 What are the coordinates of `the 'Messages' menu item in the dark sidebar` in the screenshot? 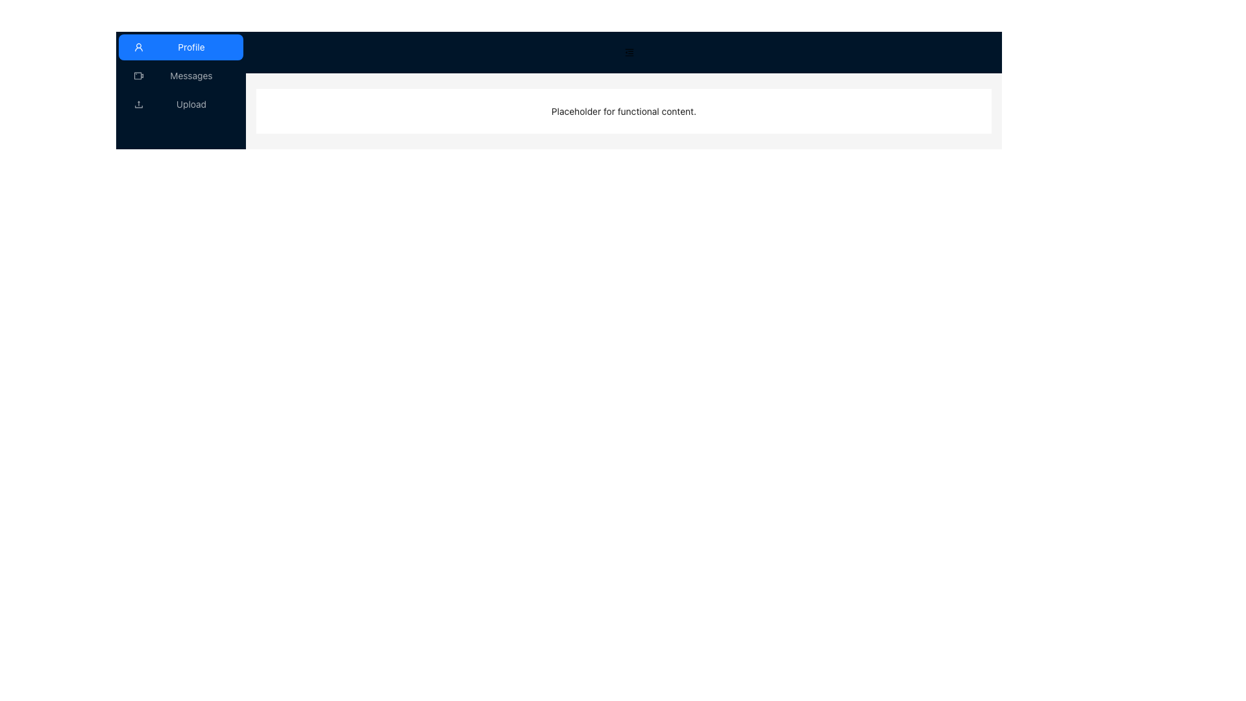 It's located at (180, 75).